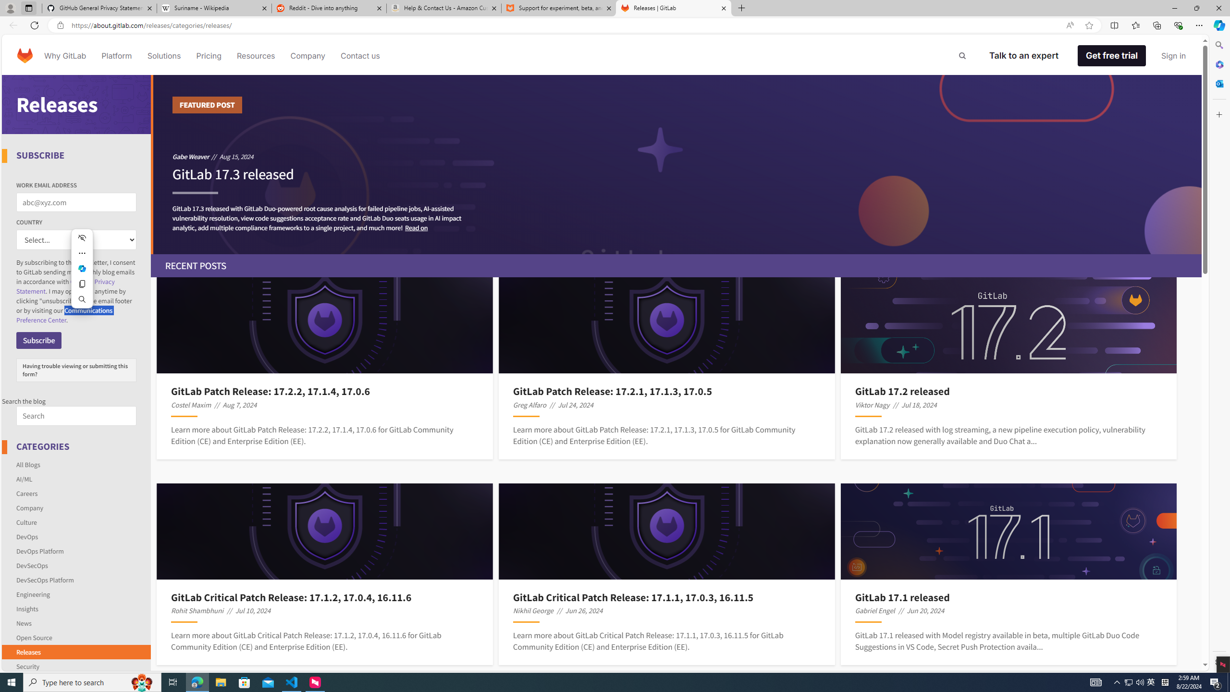 Image resolution: width=1230 pixels, height=692 pixels. What do you see at coordinates (45, 580) in the screenshot?
I see `'DevSecOps Platform'` at bounding box center [45, 580].